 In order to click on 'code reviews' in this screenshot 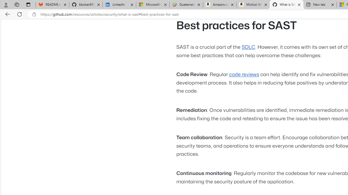, I will do `click(244, 75)`.